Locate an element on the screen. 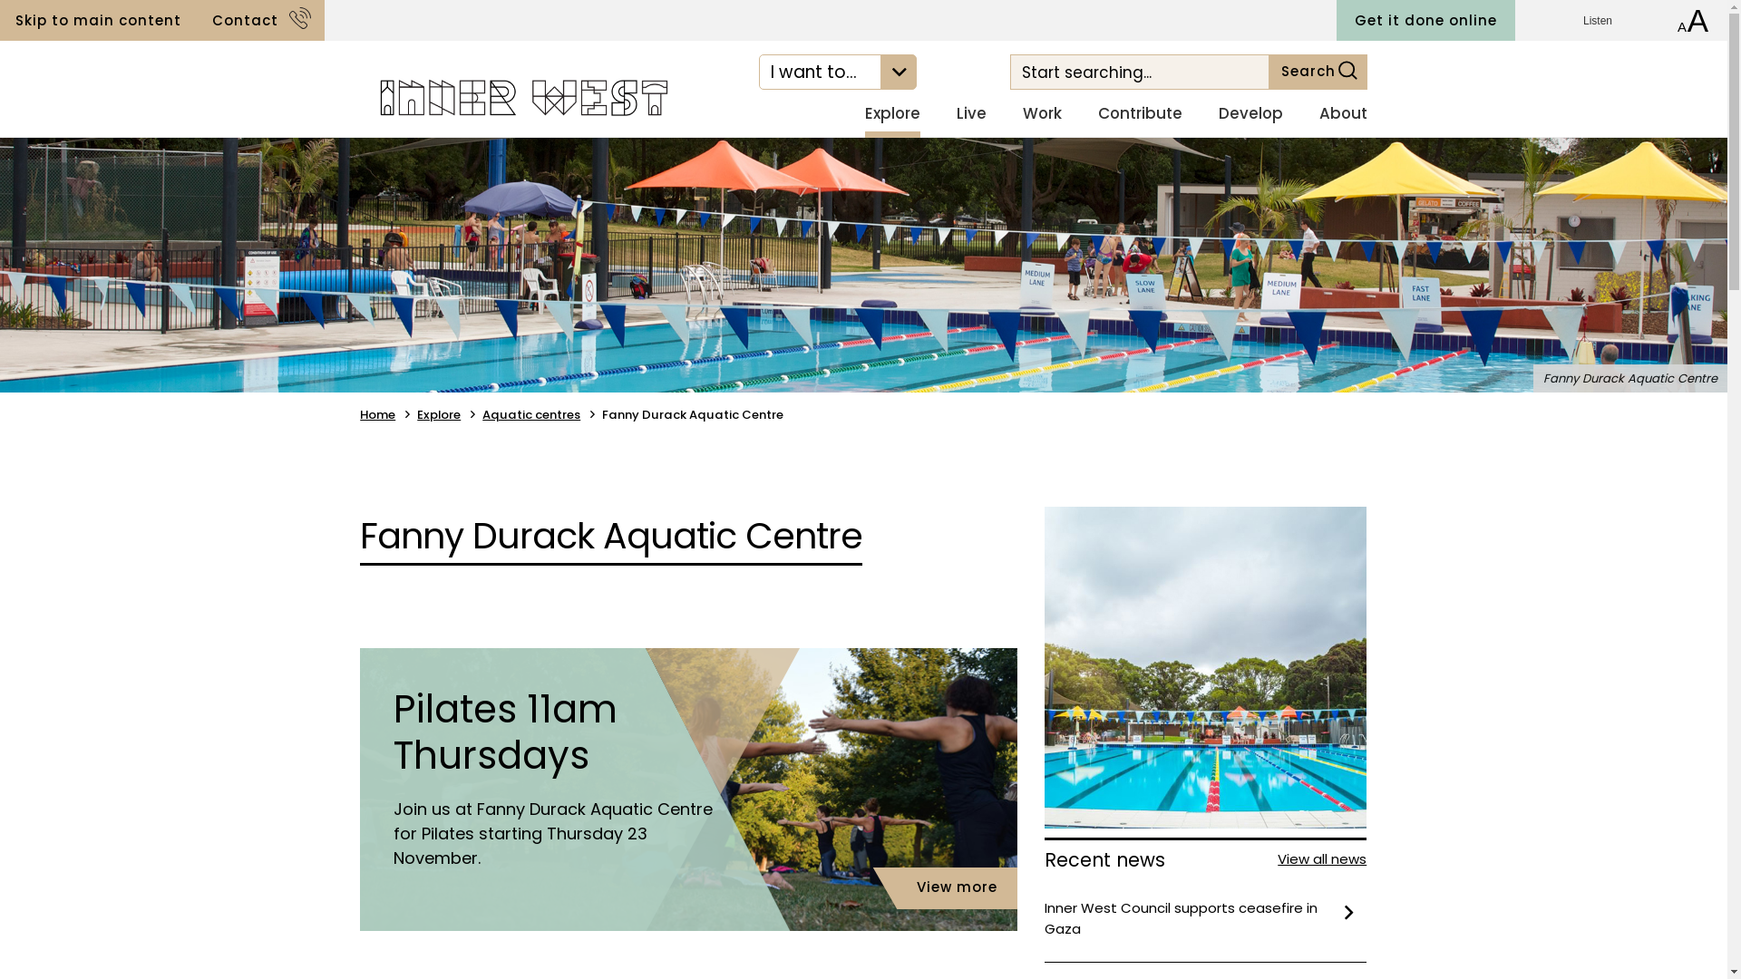 The height and width of the screenshot is (979, 1741). 'Get it done online' is located at coordinates (1425, 20).